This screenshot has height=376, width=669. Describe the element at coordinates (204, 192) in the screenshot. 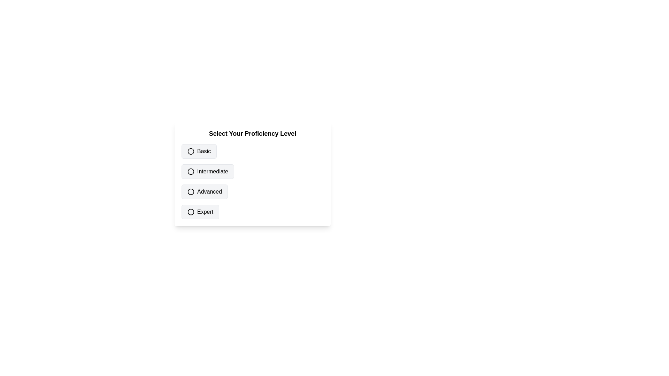

I see `to select the 'Advanced' proficiency level radio button, which is the third option in the vertical list under 'Select Your Proficiency Level'` at that location.